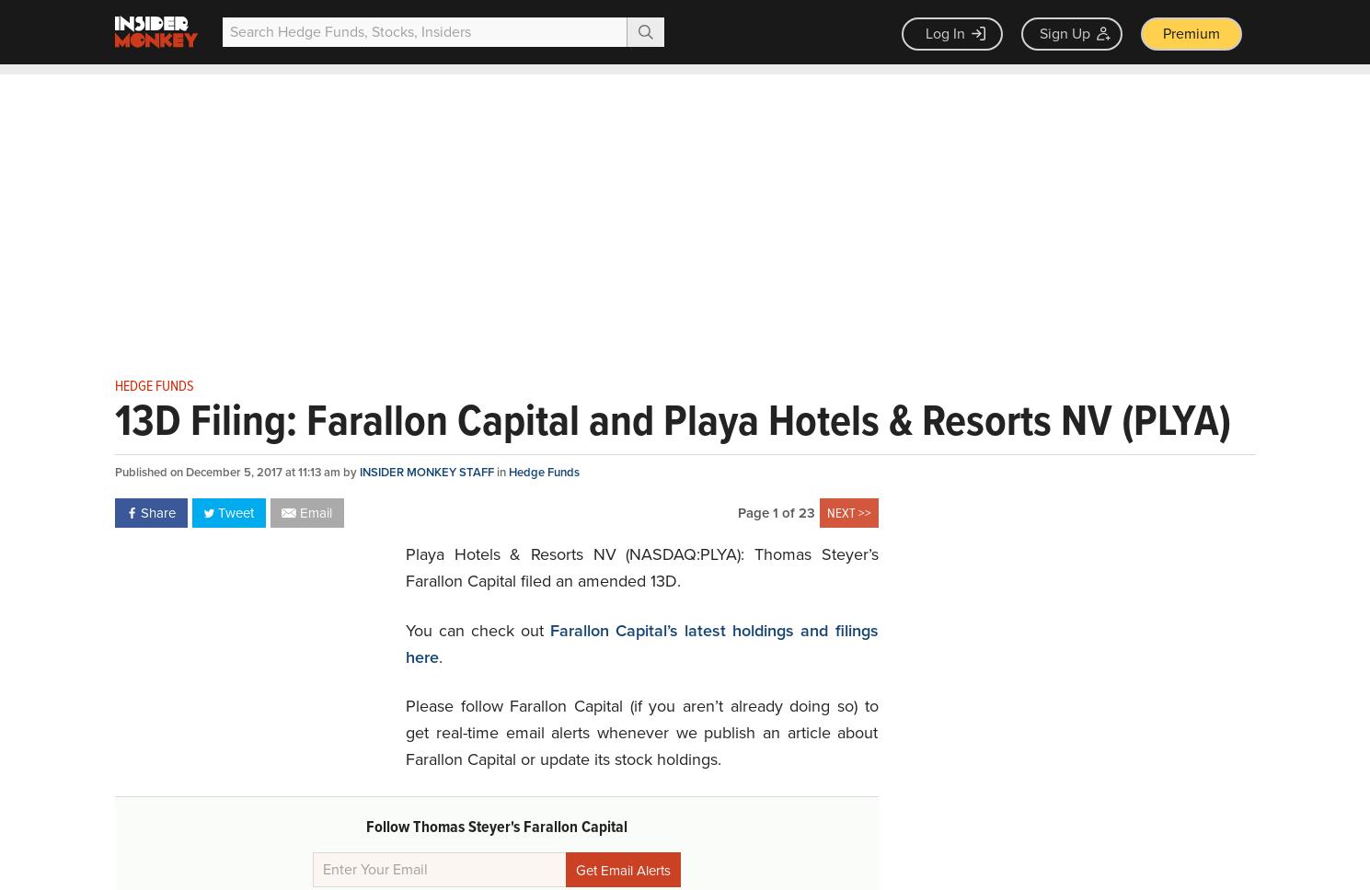 The image size is (1370, 890). Describe the element at coordinates (427, 472) in the screenshot. I see `'Insider Monkey Staff'` at that location.